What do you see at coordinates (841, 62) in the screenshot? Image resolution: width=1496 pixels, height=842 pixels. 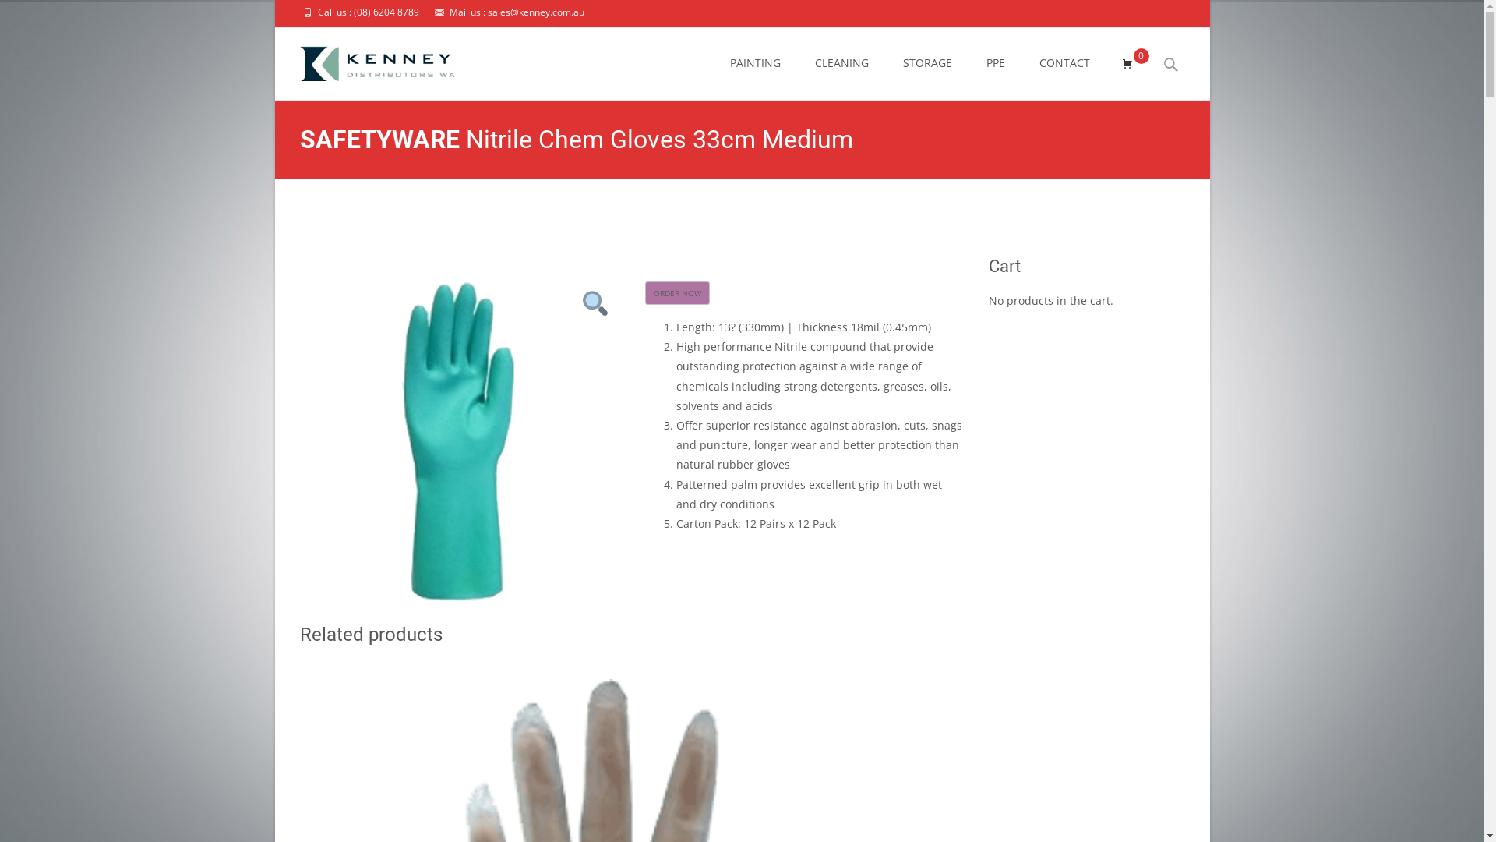 I see `'CLEANING'` at bounding box center [841, 62].